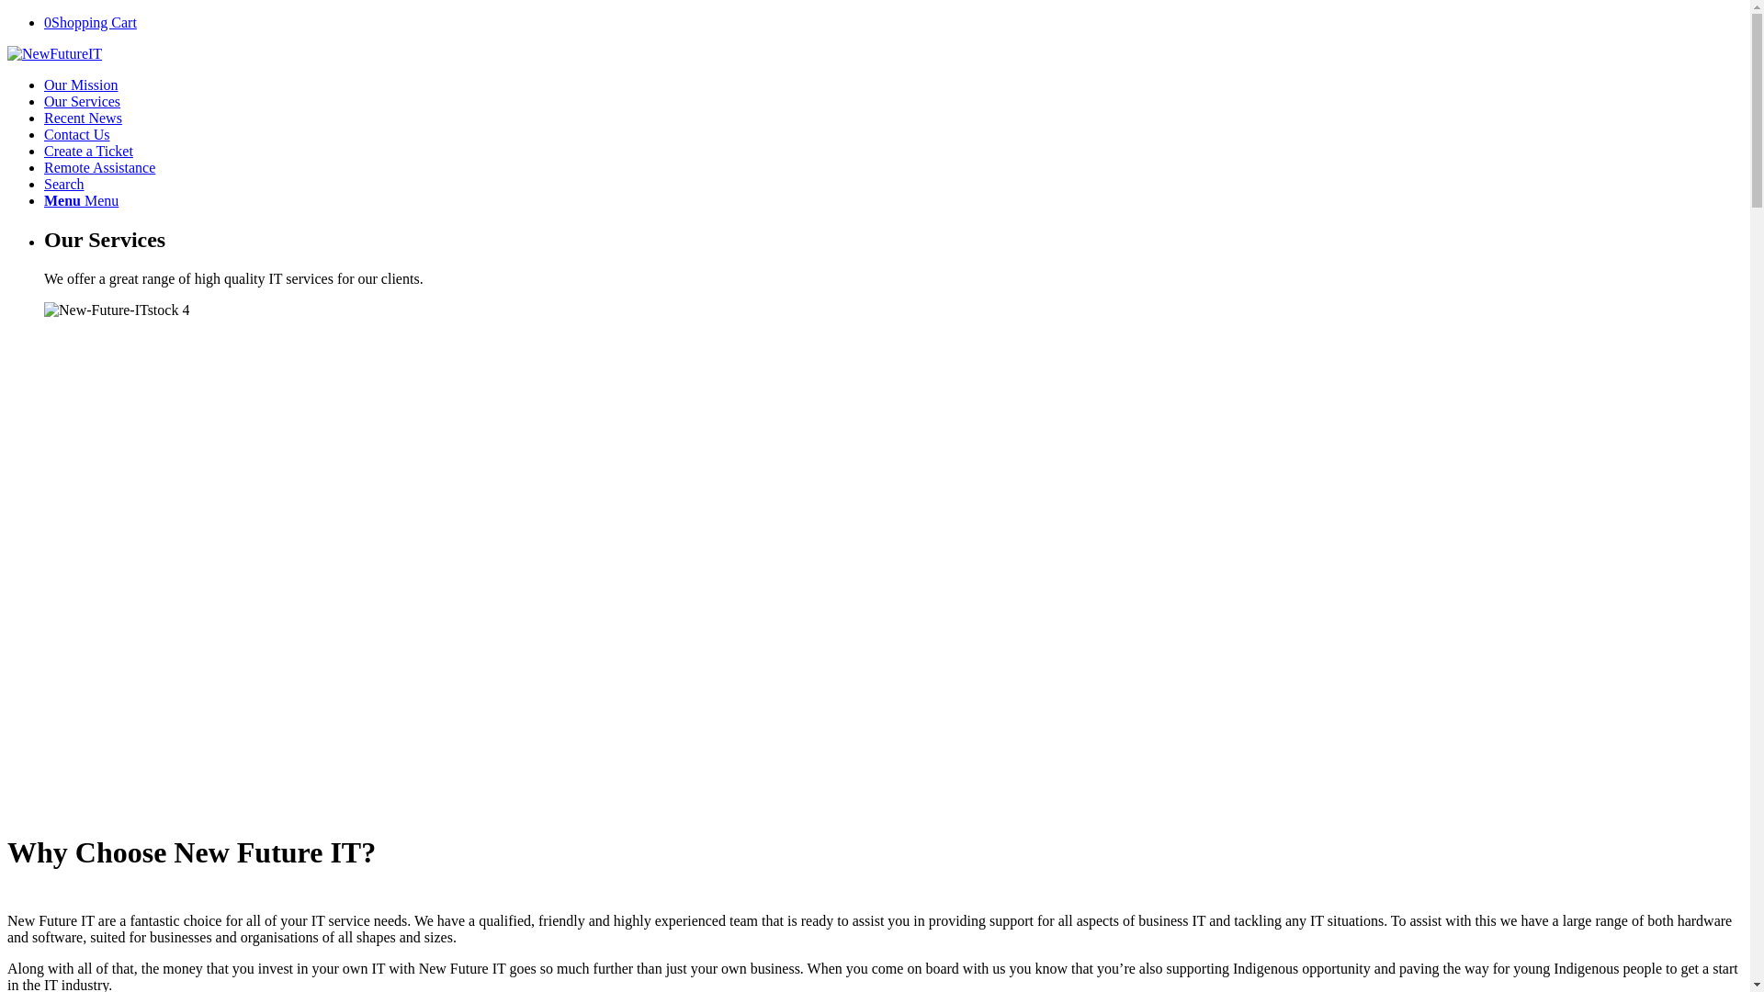 This screenshot has height=992, width=1764. Describe the element at coordinates (87, 150) in the screenshot. I see `'Create a Ticket'` at that location.